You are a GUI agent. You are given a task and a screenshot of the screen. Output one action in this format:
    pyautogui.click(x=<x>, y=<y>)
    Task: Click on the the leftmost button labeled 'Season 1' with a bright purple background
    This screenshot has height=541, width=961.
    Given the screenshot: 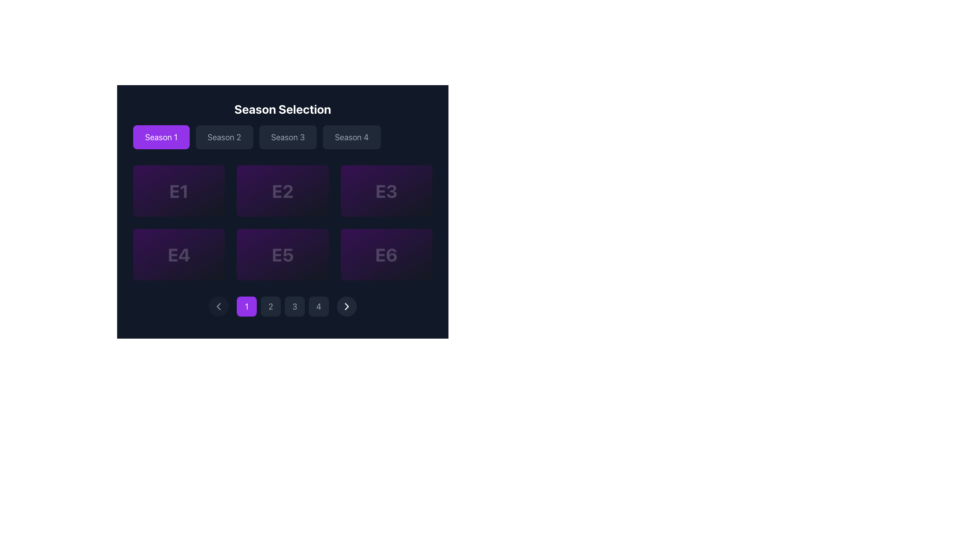 What is the action you would take?
    pyautogui.click(x=161, y=137)
    